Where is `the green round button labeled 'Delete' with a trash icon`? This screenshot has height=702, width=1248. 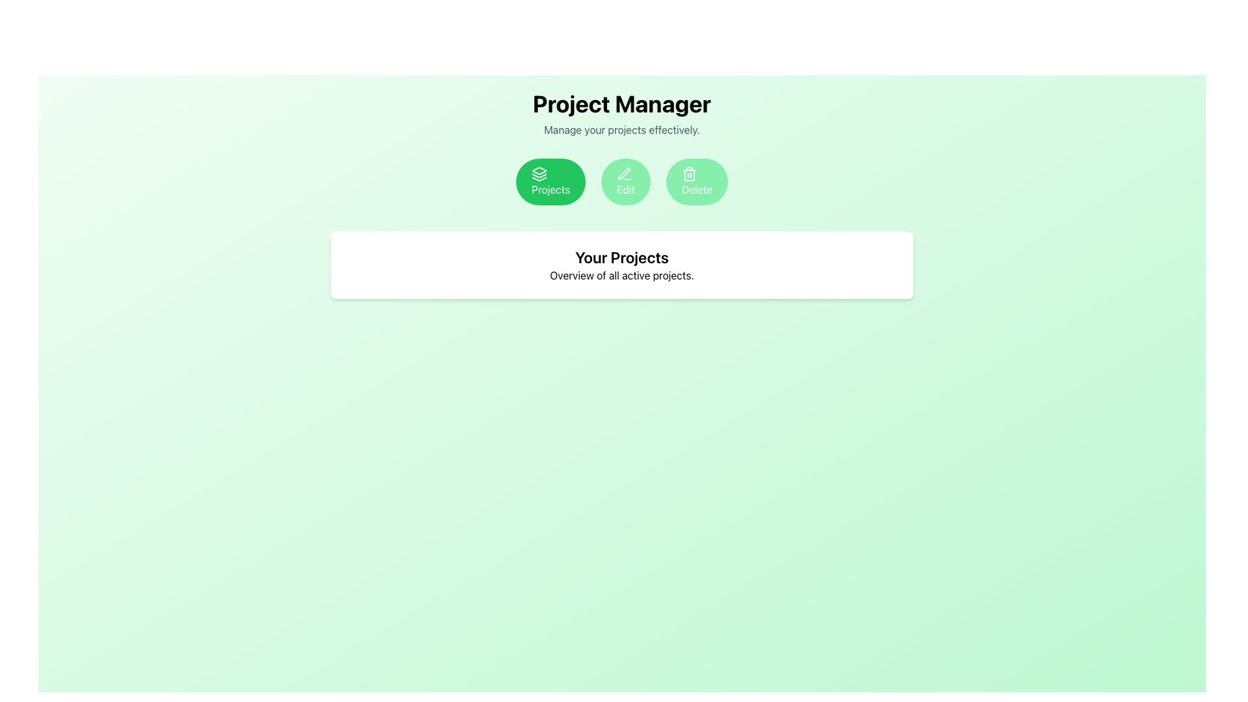
the green round button labeled 'Delete' with a trash icon is located at coordinates (696, 182).